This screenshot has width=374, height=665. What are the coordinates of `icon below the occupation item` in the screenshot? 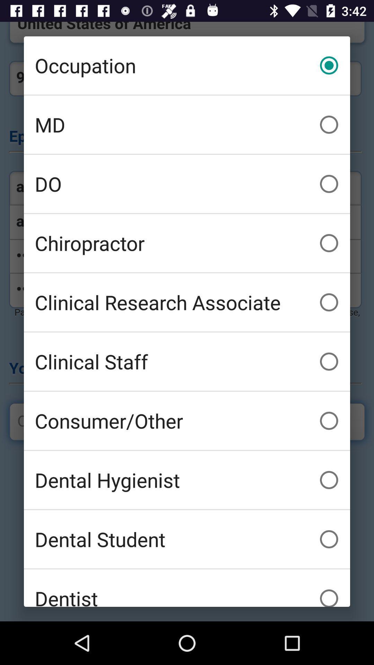 It's located at (187, 125).